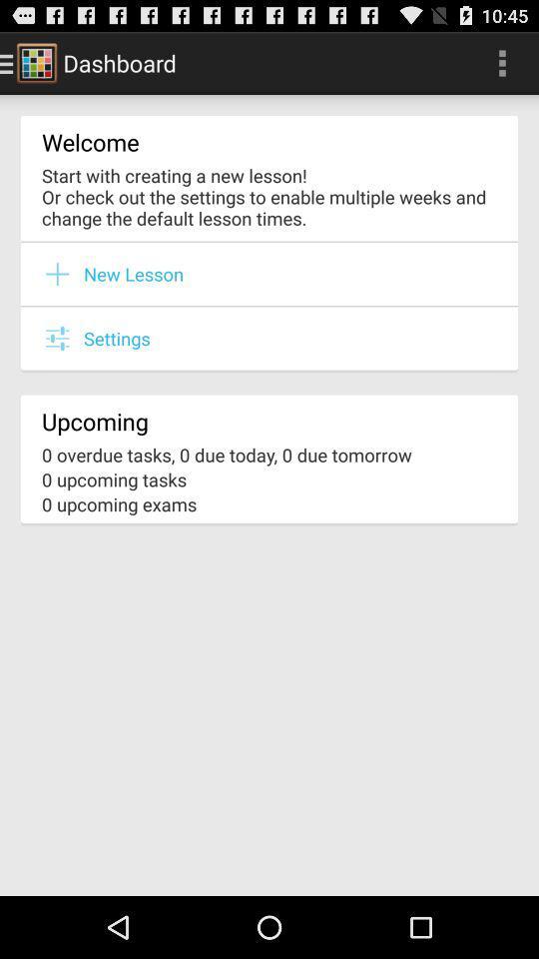 The width and height of the screenshot is (539, 959). Describe the element at coordinates (269, 196) in the screenshot. I see `the item below welcome item` at that location.